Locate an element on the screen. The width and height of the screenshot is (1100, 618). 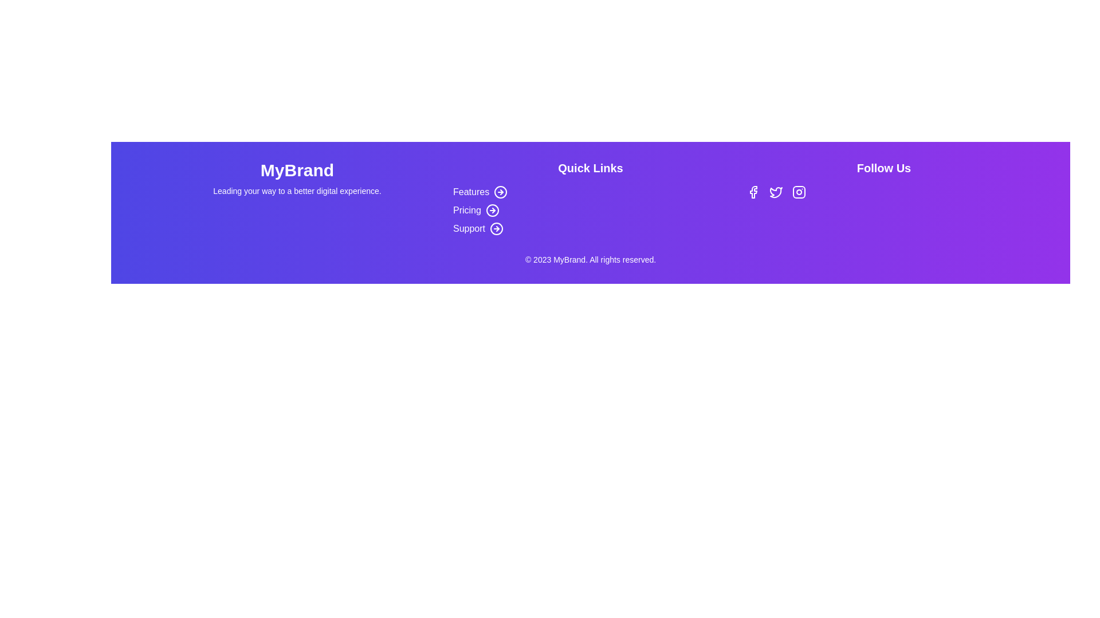
the text element displaying 'MyBrand' in large, bold typography, located at the top-left section of the footer area is located at coordinates (297, 170).